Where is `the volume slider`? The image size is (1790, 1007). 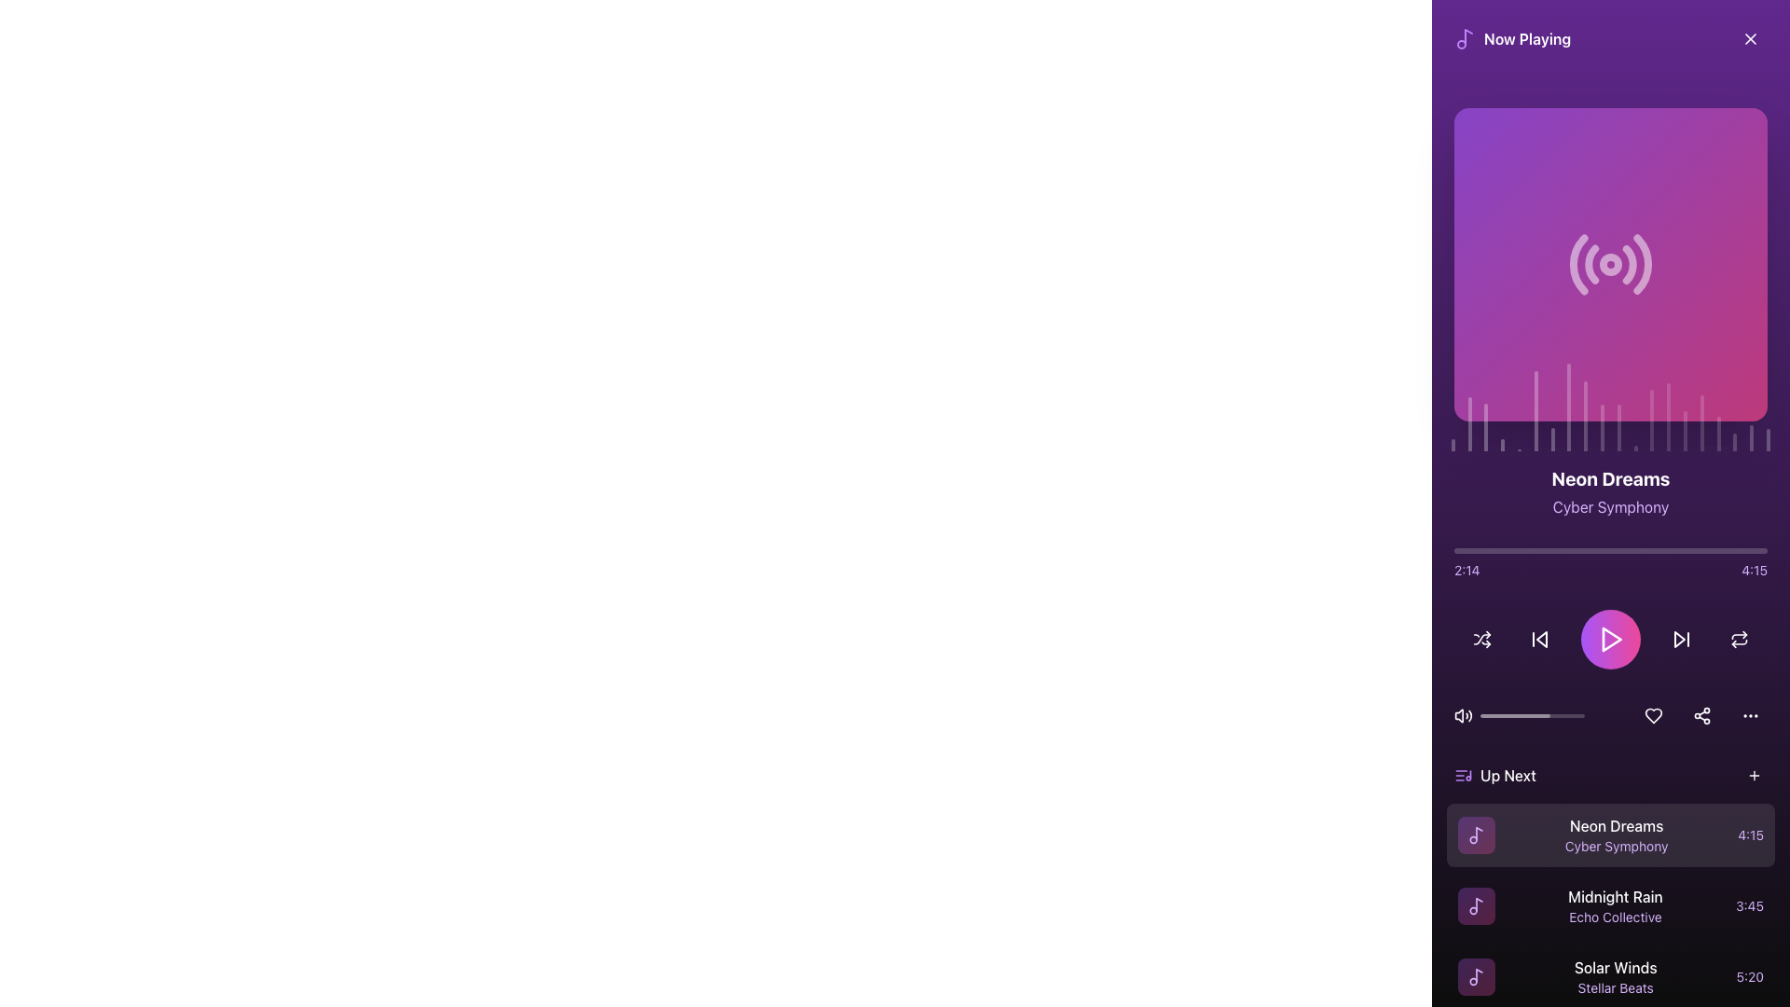 the volume slider is located at coordinates (1503, 714).